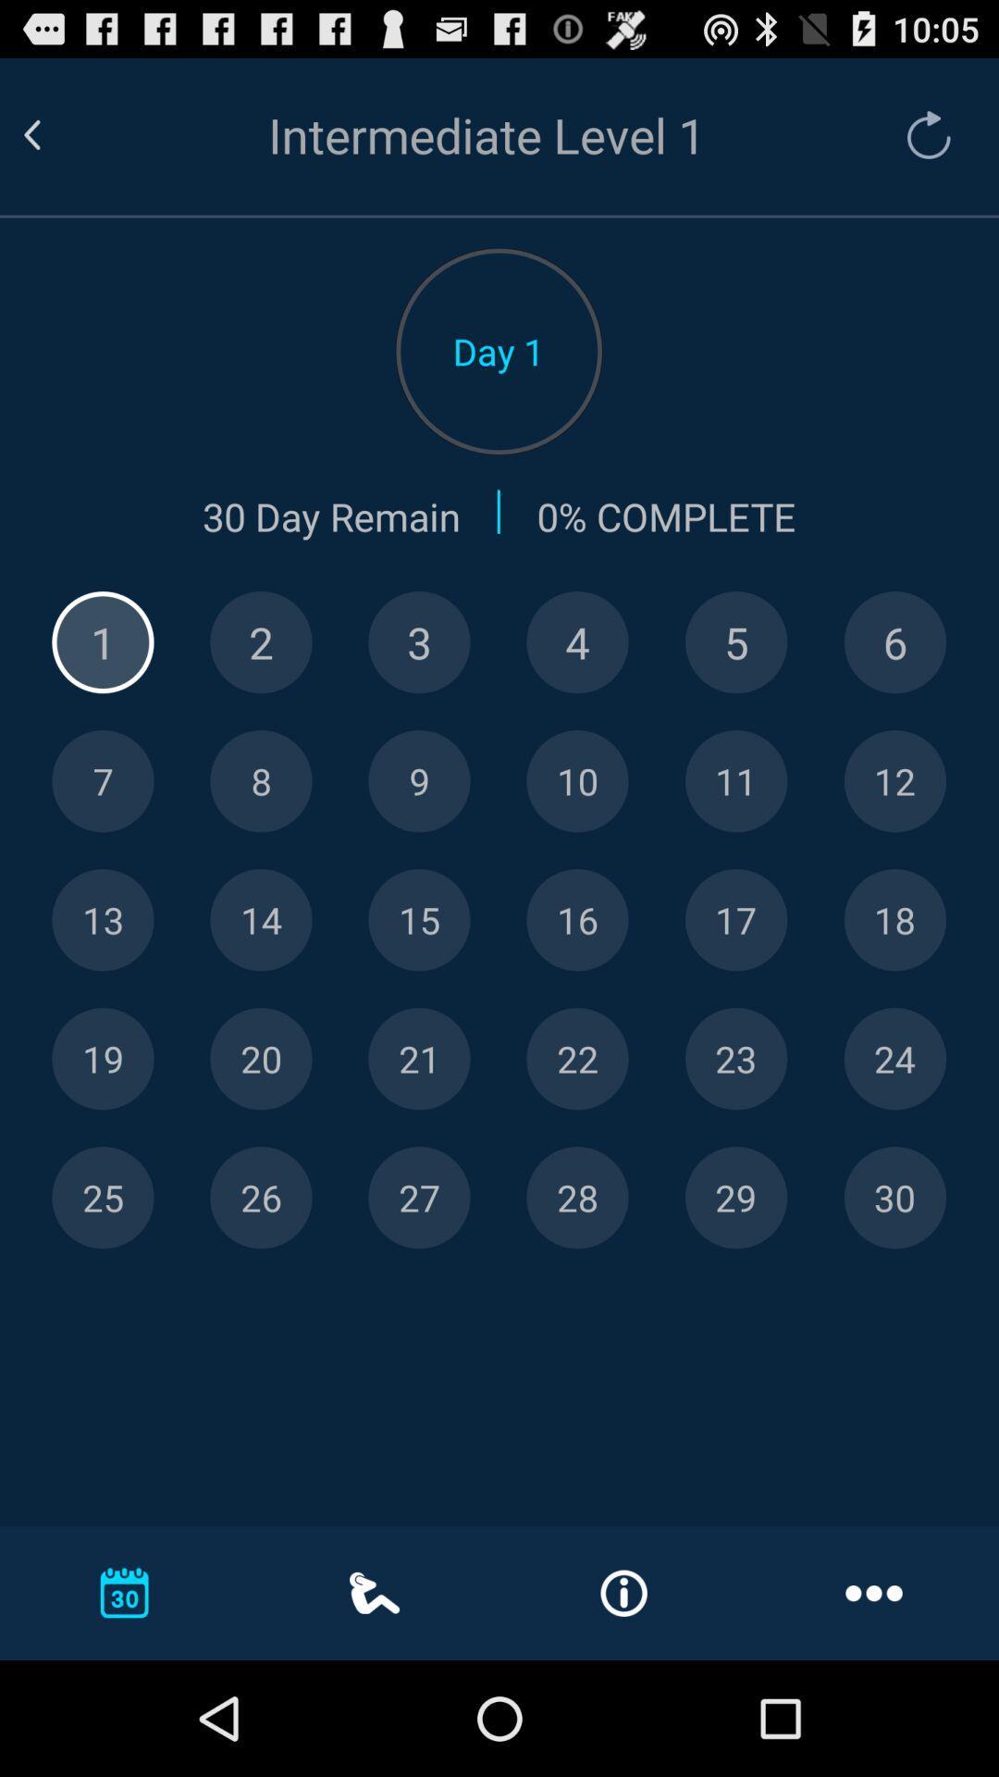  What do you see at coordinates (919, 134) in the screenshot?
I see `refresh screen` at bounding box center [919, 134].